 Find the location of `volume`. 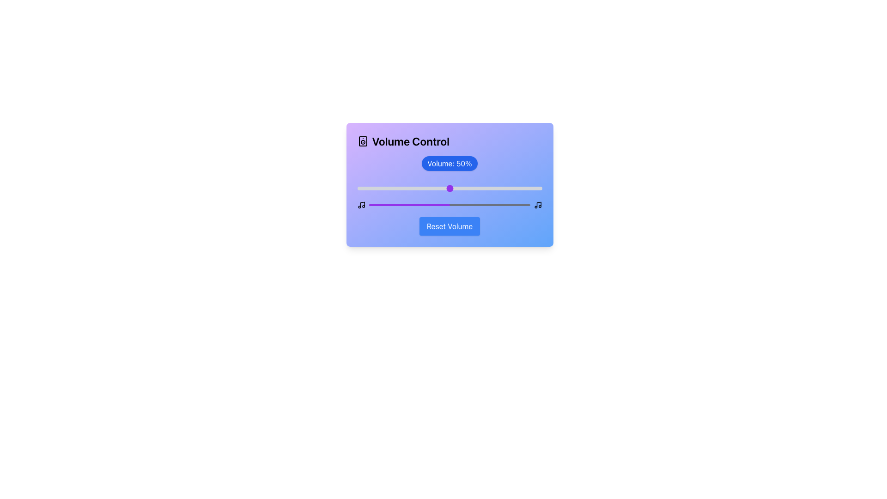

volume is located at coordinates (387, 188).